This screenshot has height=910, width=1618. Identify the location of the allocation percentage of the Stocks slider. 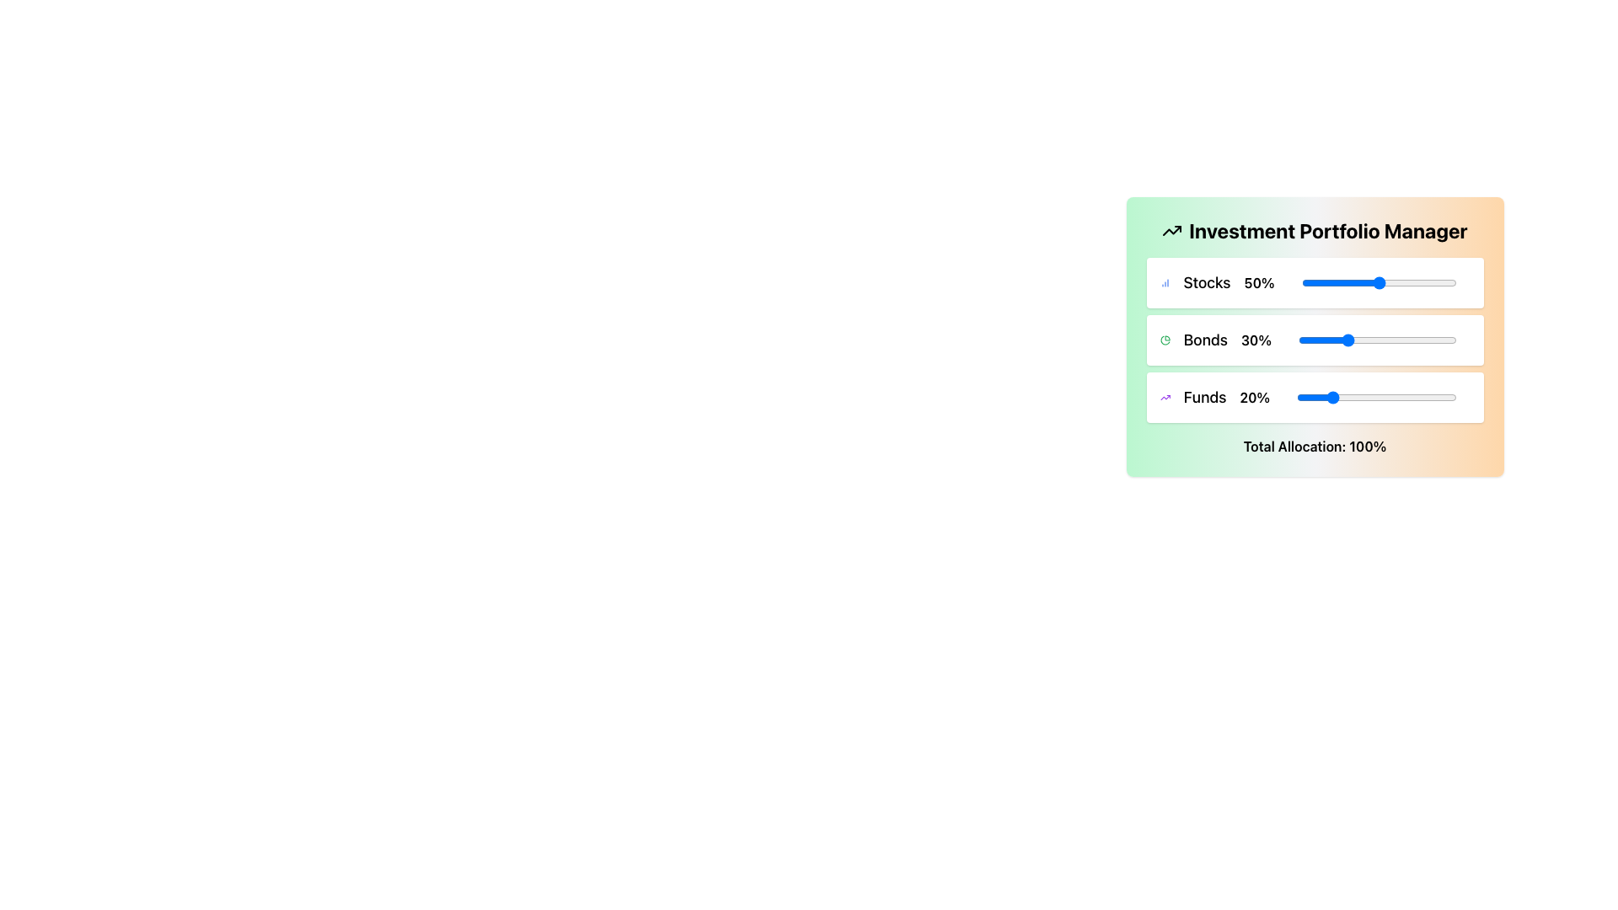
(1391, 281).